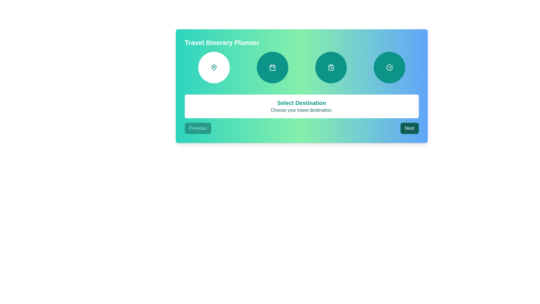 The width and height of the screenshot is (540, 304). I want to click on the location selection icon, which is the first icon from the left in a group of three icons at the top center of the interface, so click(213, 67).